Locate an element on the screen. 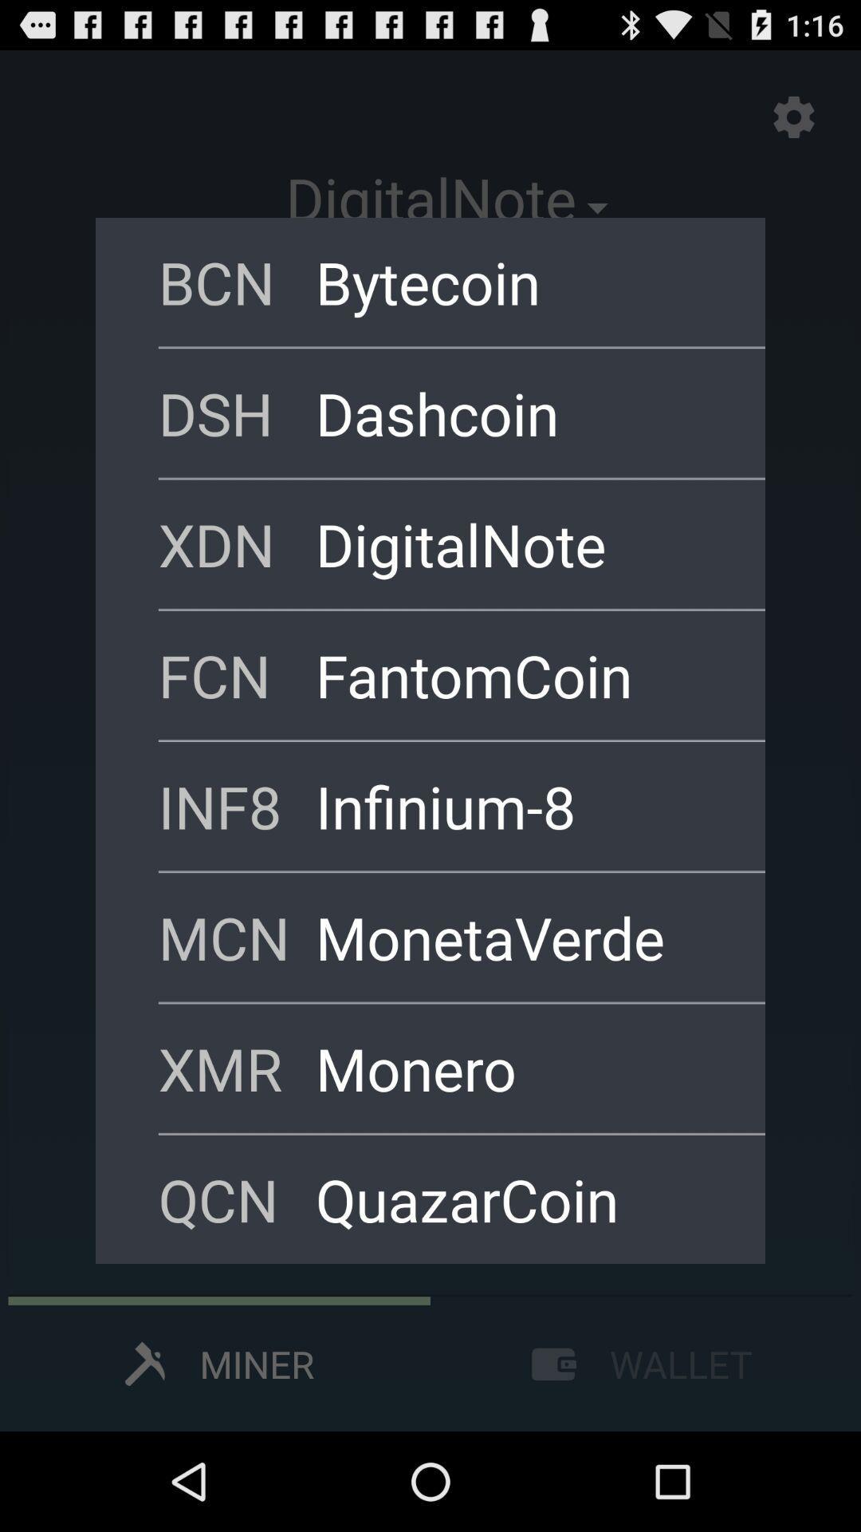 The image size is (861, 1532). app next to inf8 icon is located at coordinates (519, 806).